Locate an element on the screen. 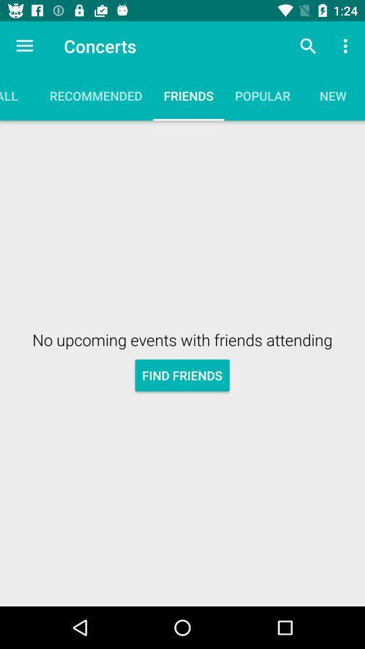 This screenshot has width=365, height=649. find friends item is located at coordinates (182, 375).